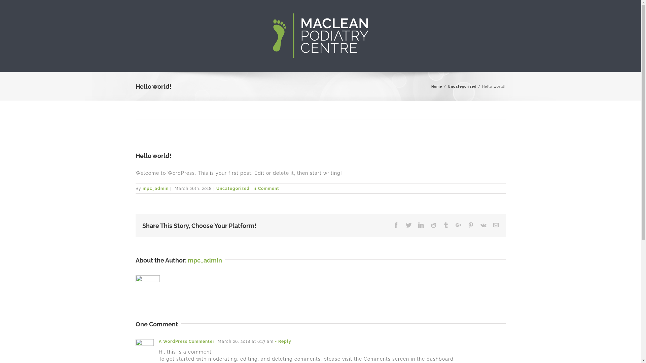 The height and width of the screenshot is (363, 646). Describe the element at coordinates (266, 188) in the screenshot. I see `'1 Comment'` at that location.